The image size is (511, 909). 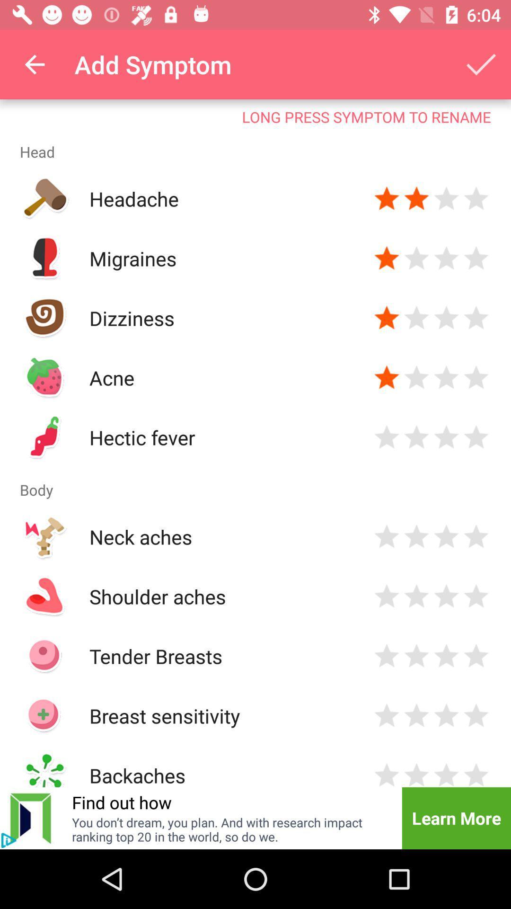 I want to click on option to rate one star, so click(x=387, y=716).